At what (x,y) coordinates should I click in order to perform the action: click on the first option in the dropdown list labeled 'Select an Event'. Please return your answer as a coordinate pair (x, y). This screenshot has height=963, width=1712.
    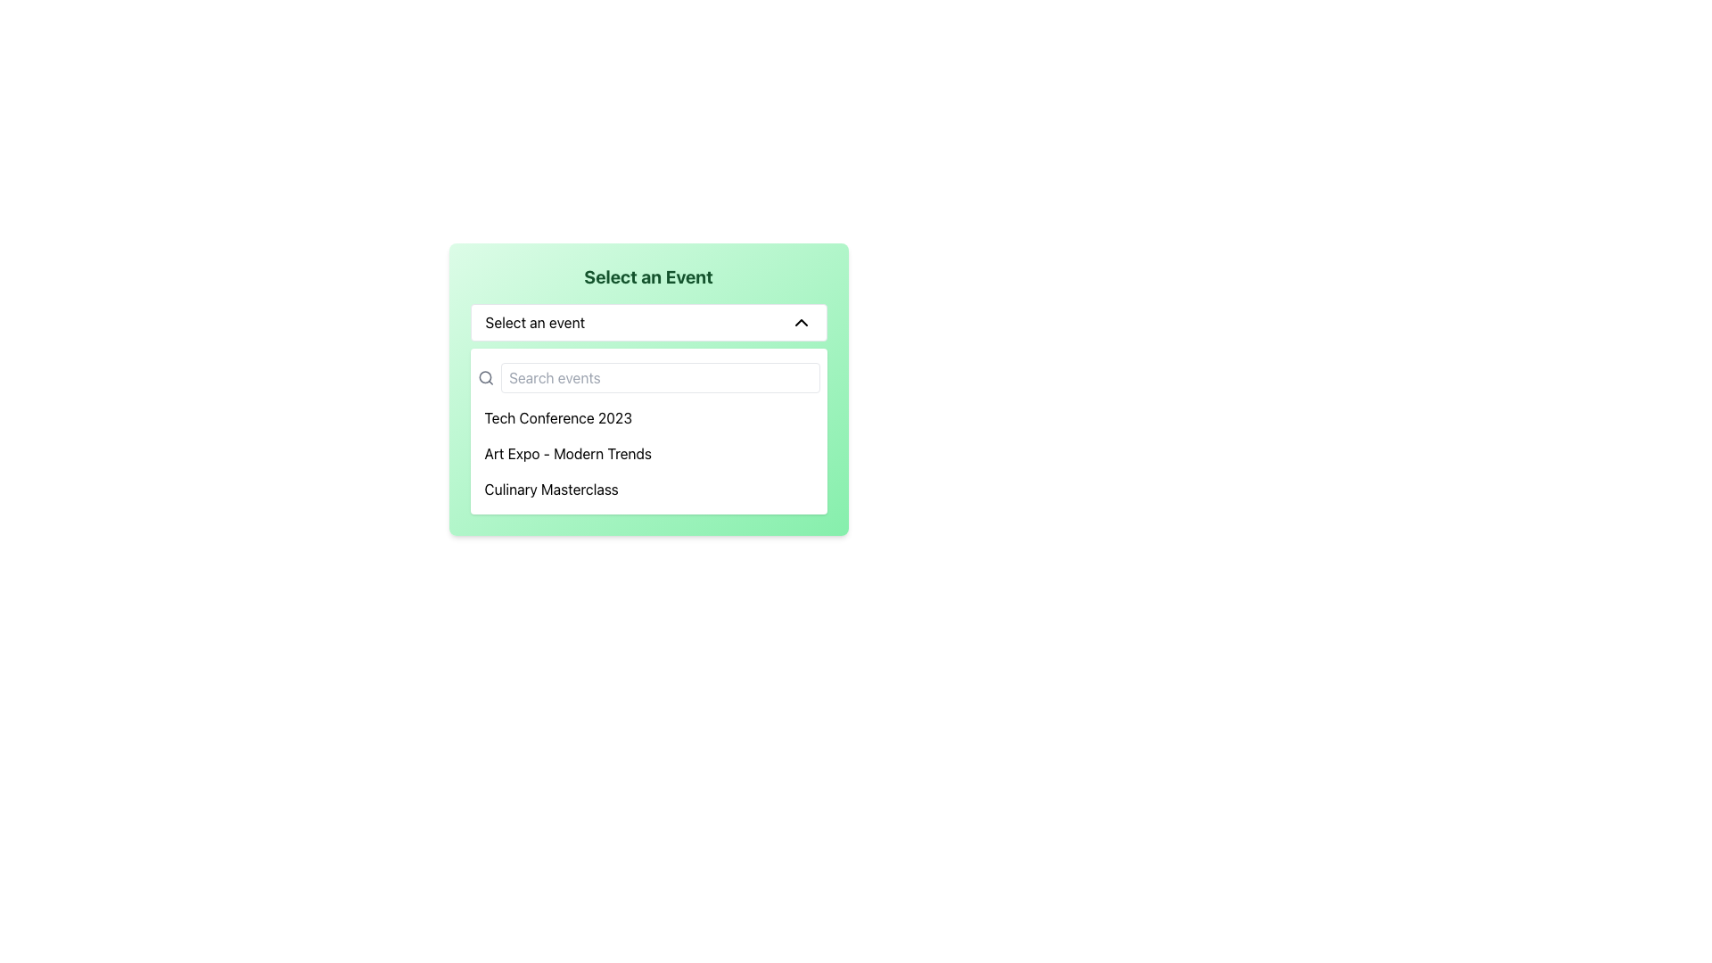
    Looking at the image, I should click on (556, 418).